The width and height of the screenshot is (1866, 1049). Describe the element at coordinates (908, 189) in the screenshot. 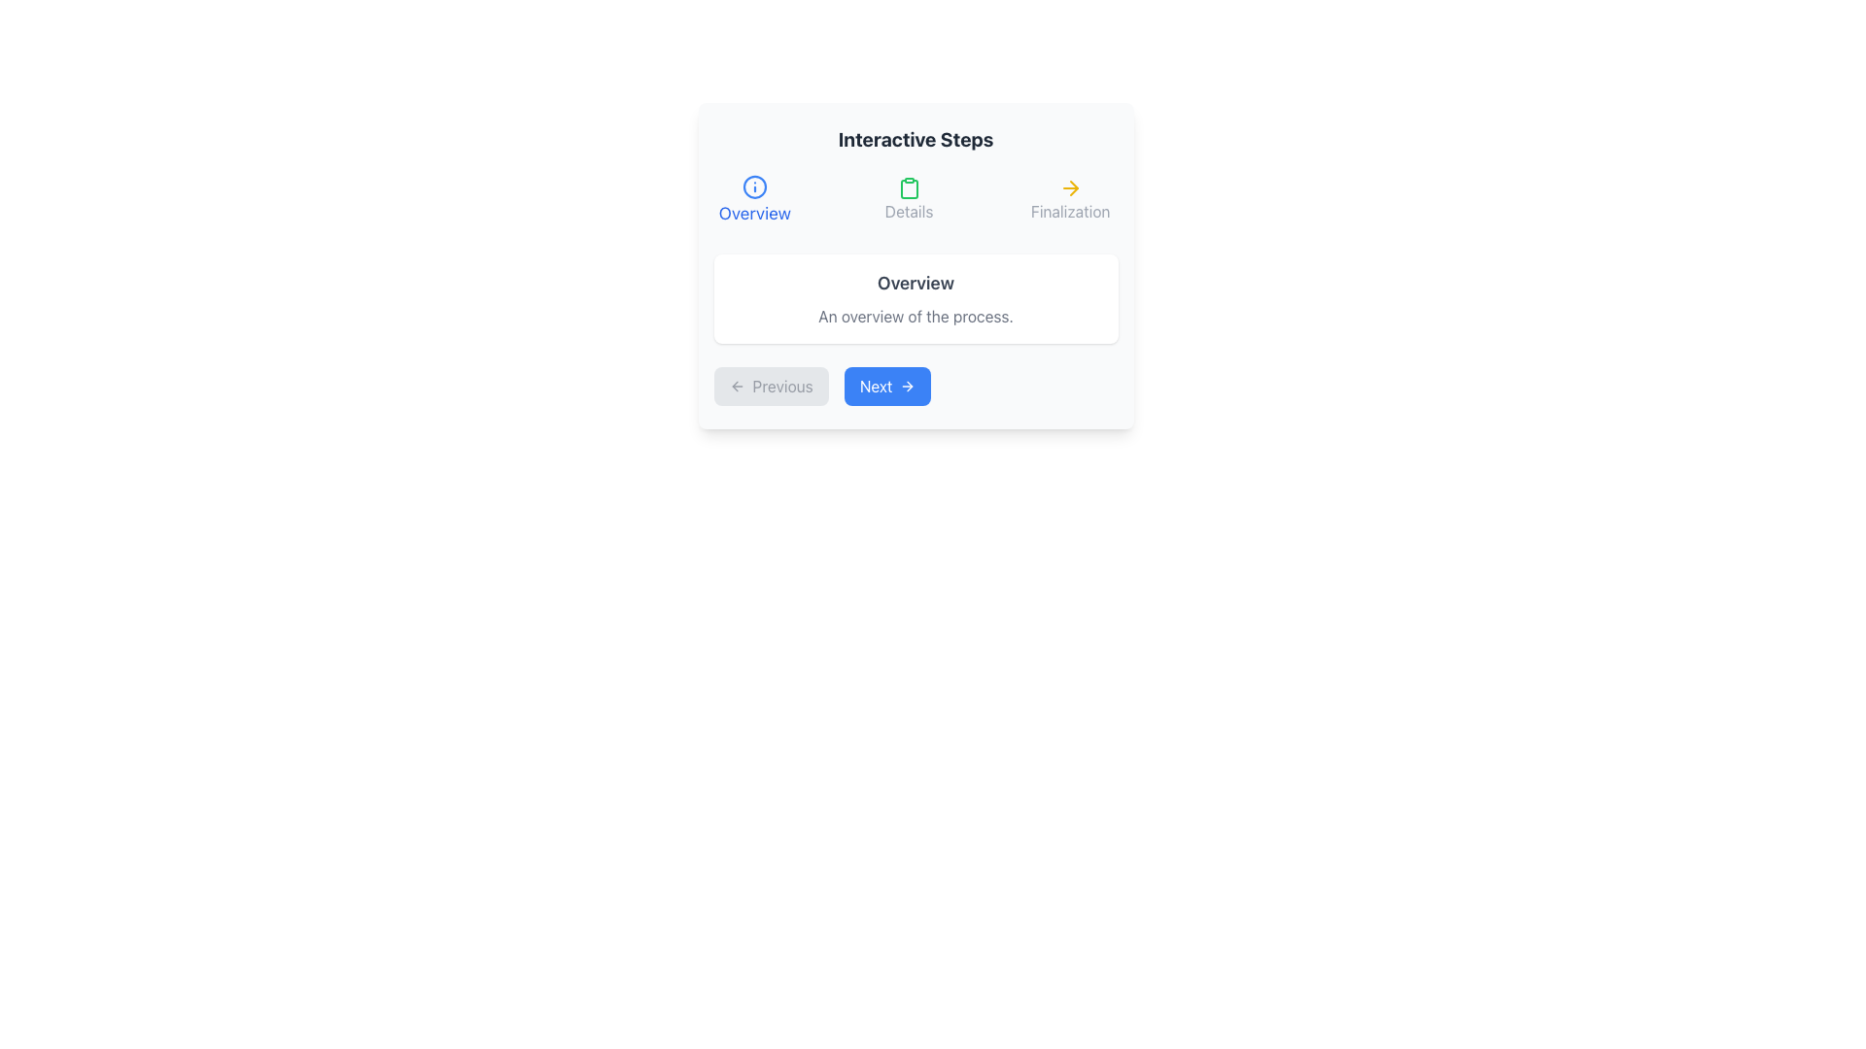

I see `the clipboard icon in the 'Details' step of the interactive step navigation` at that location.